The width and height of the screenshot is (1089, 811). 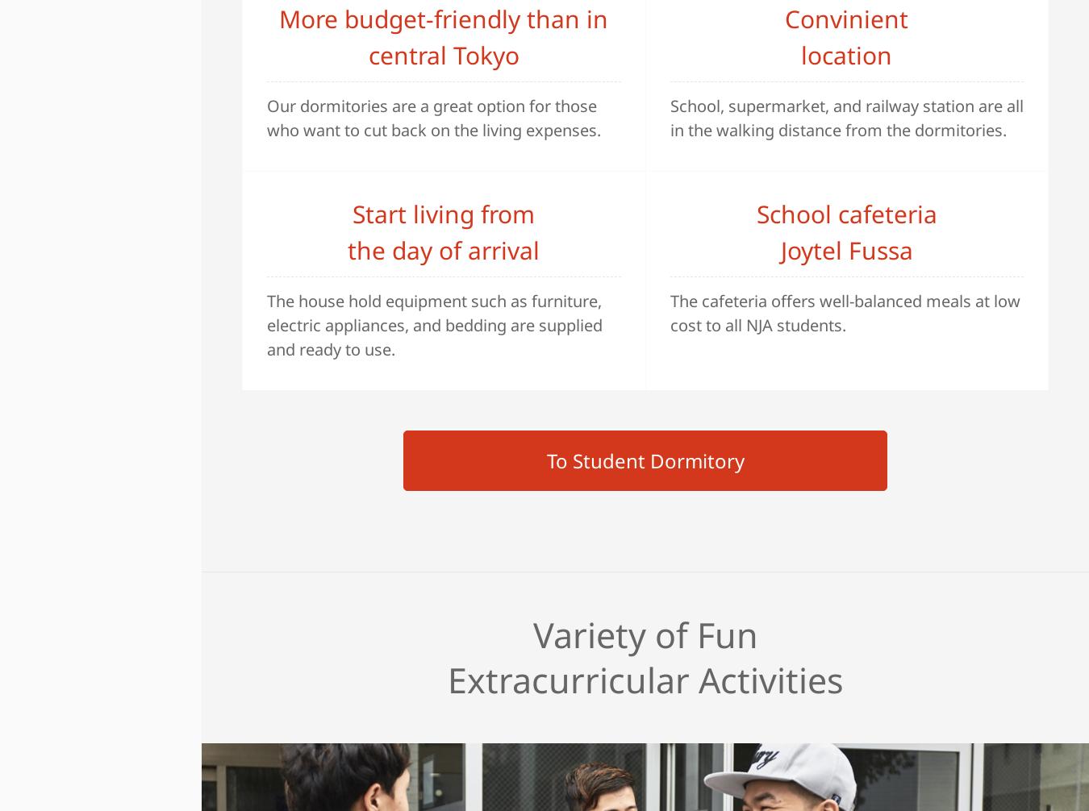 What do you see at coordinates (442, 248) in the screenshot?
I see `'the day of arrival'` at bounding box center [442, 248].